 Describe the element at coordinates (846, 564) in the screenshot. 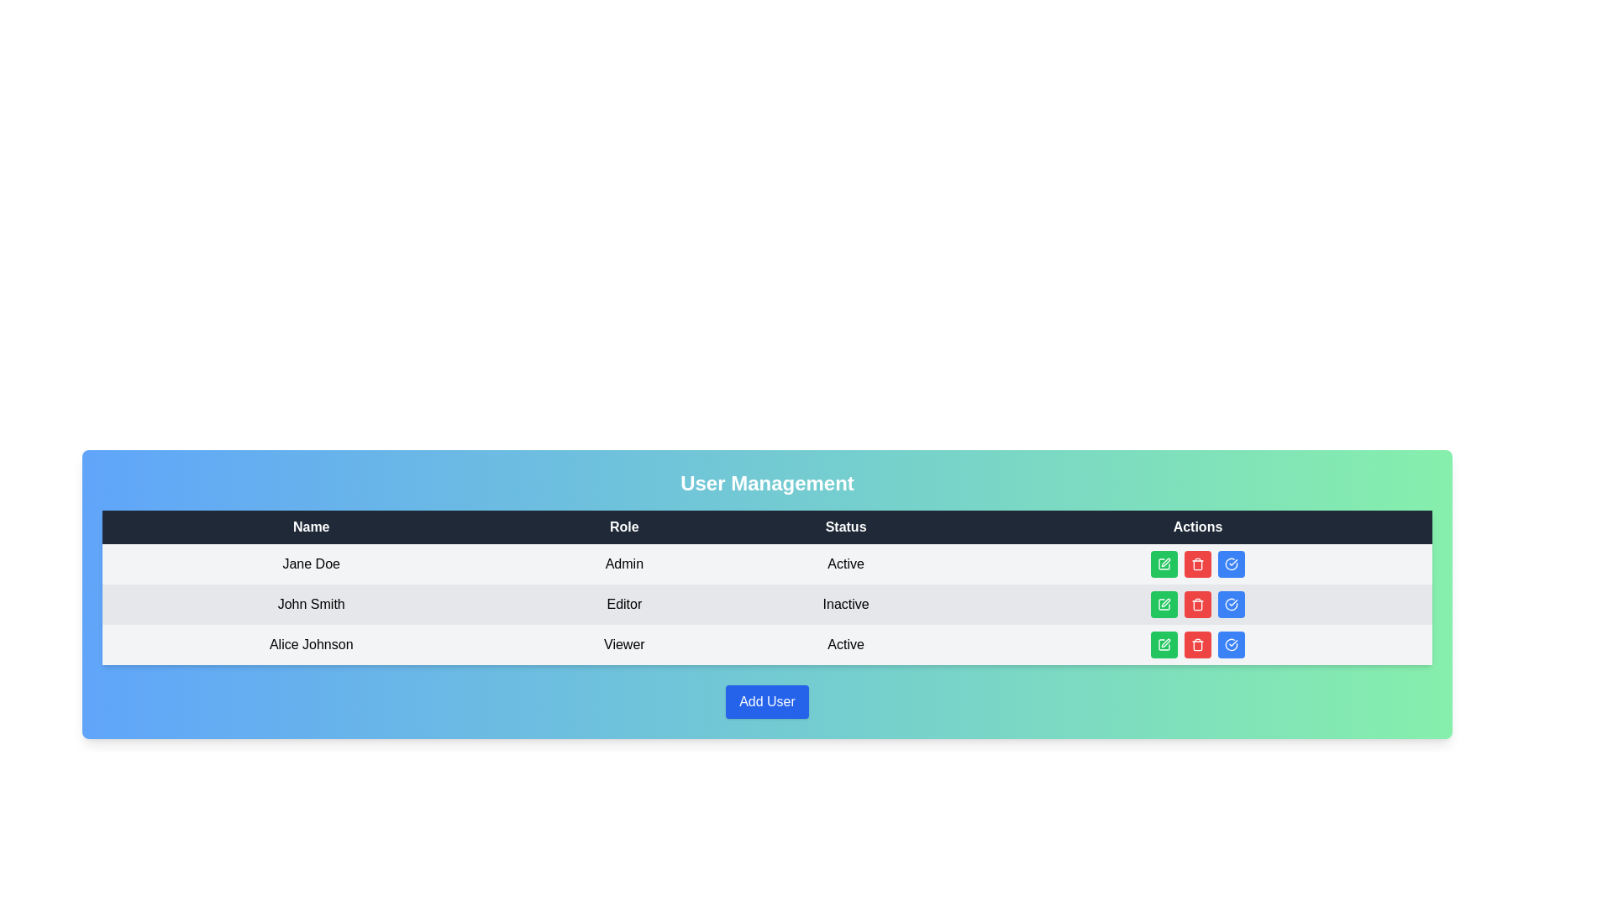

I see `Static Text Label displaying 'Active' in the 'Status' column of the User Management table` at that location.